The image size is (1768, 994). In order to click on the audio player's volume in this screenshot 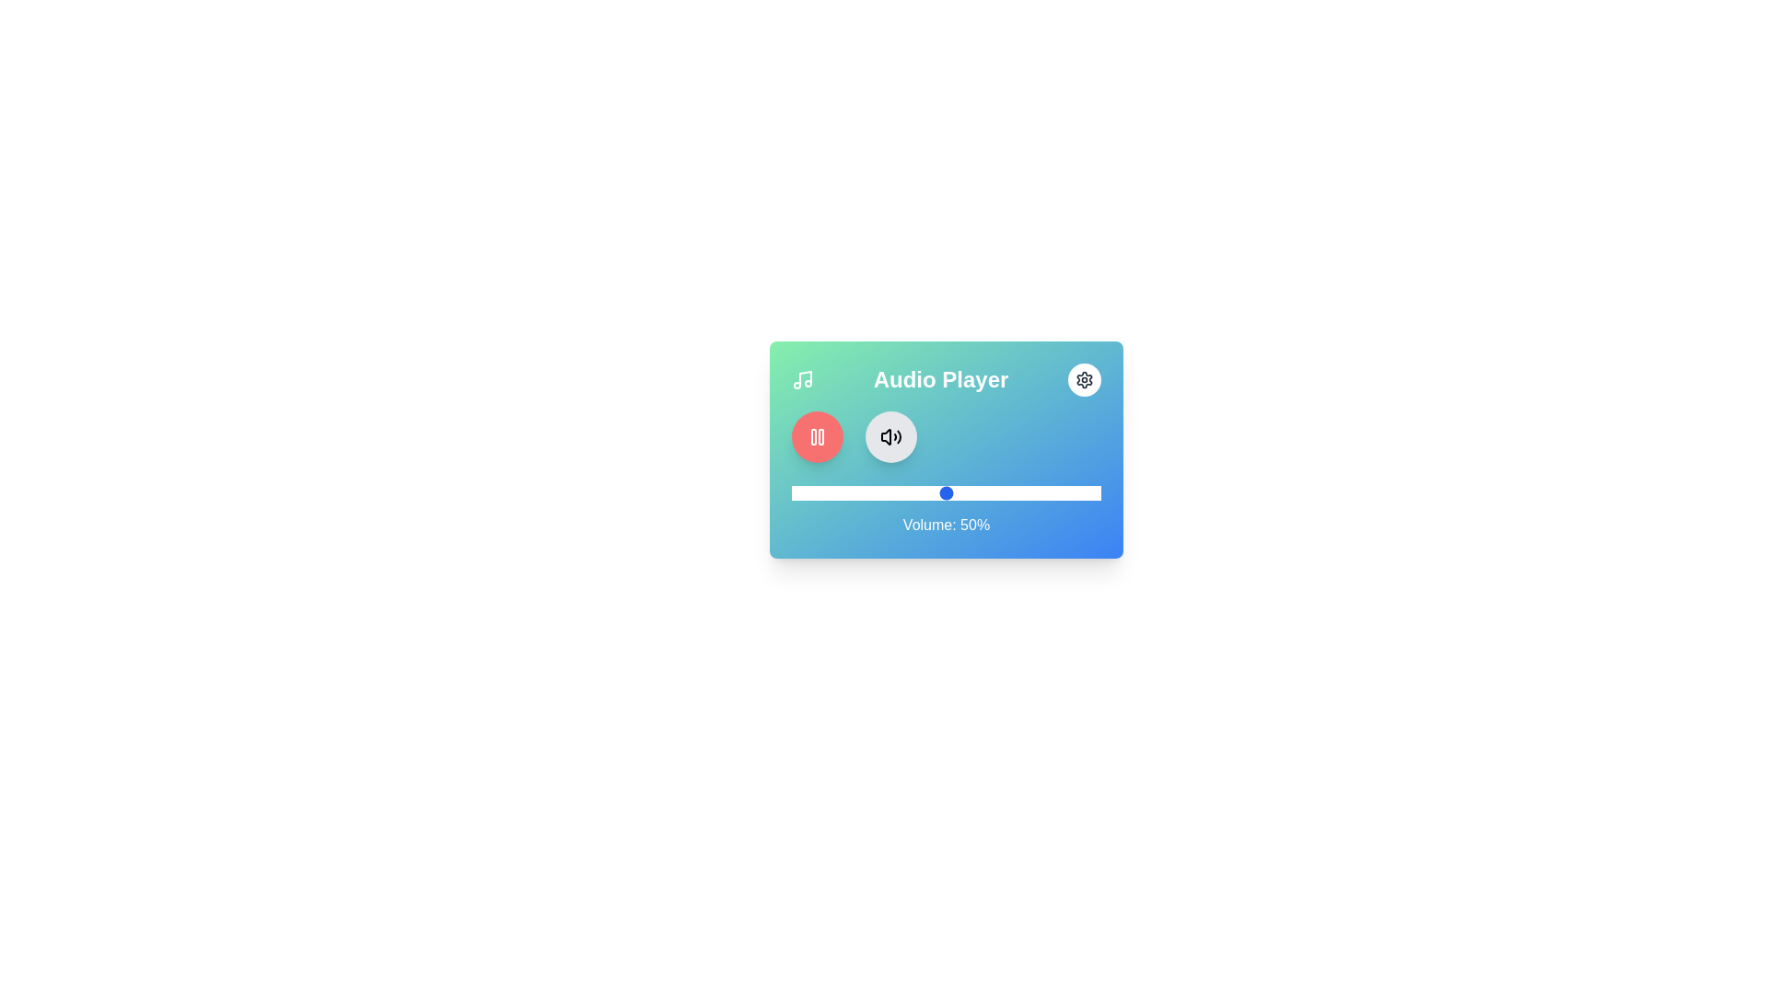, I will do `click(1004, 492)`.